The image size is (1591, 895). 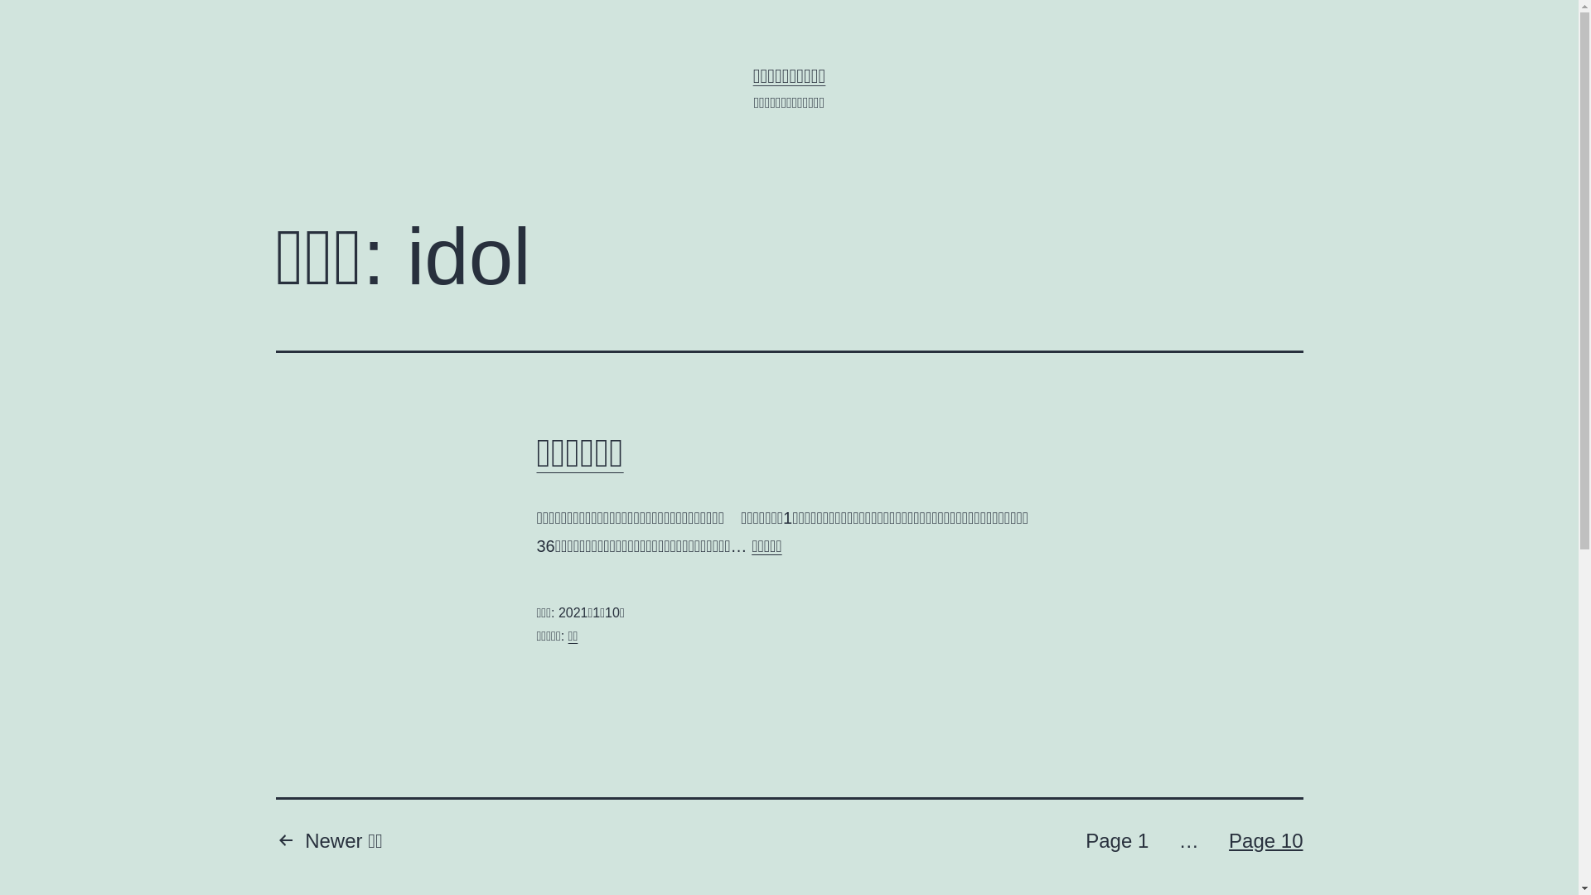 I want to click on 'Page 1', so click(x=1117, y=843).